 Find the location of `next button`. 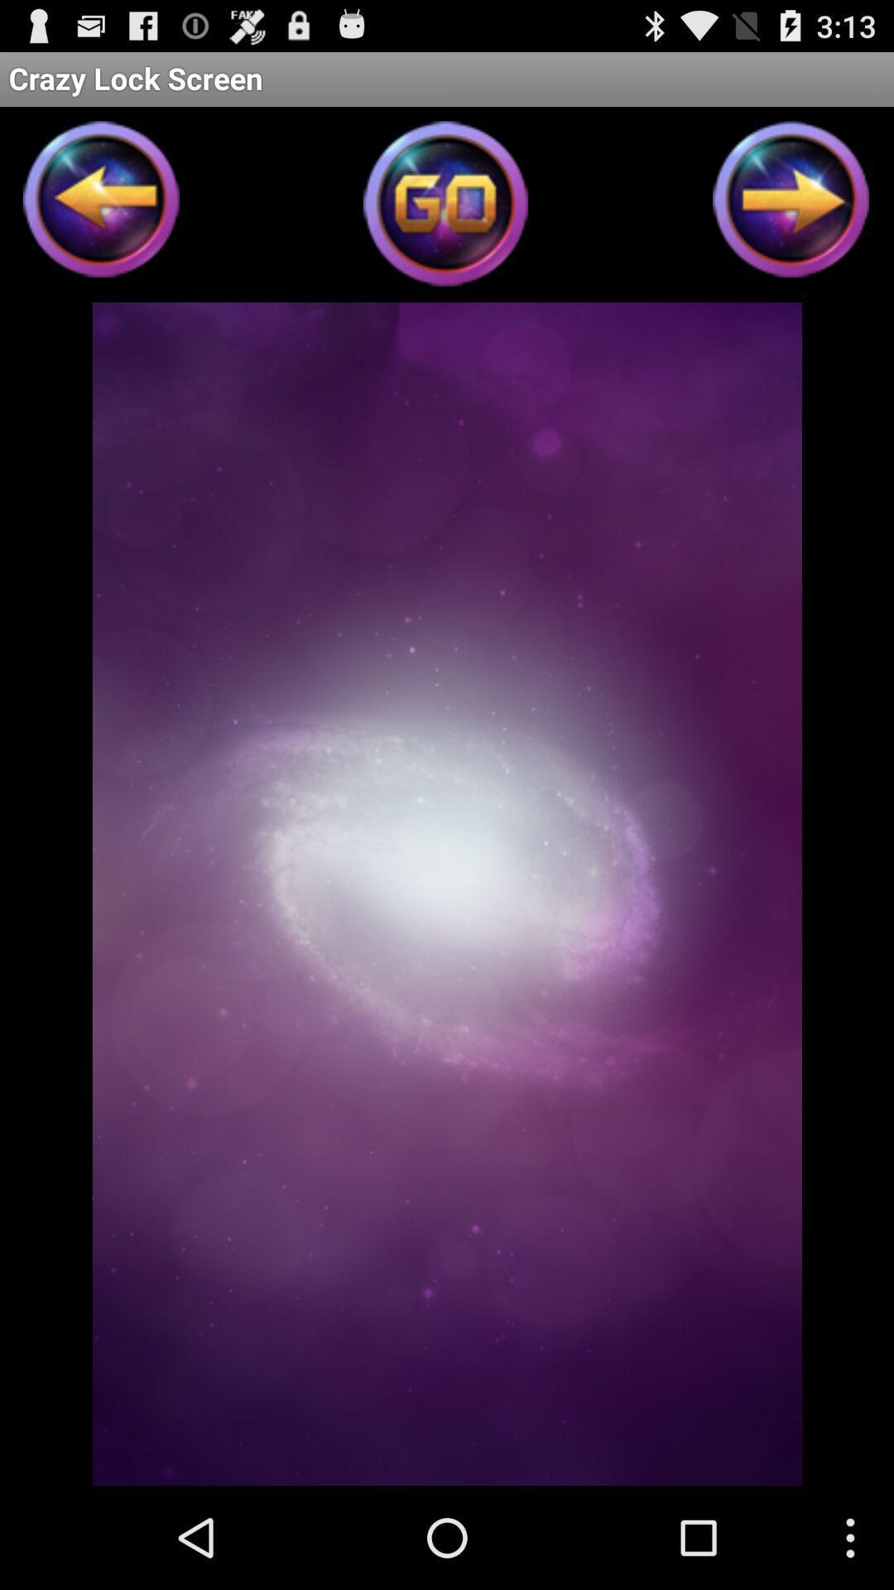

next button is located at coordinates (791, 204).